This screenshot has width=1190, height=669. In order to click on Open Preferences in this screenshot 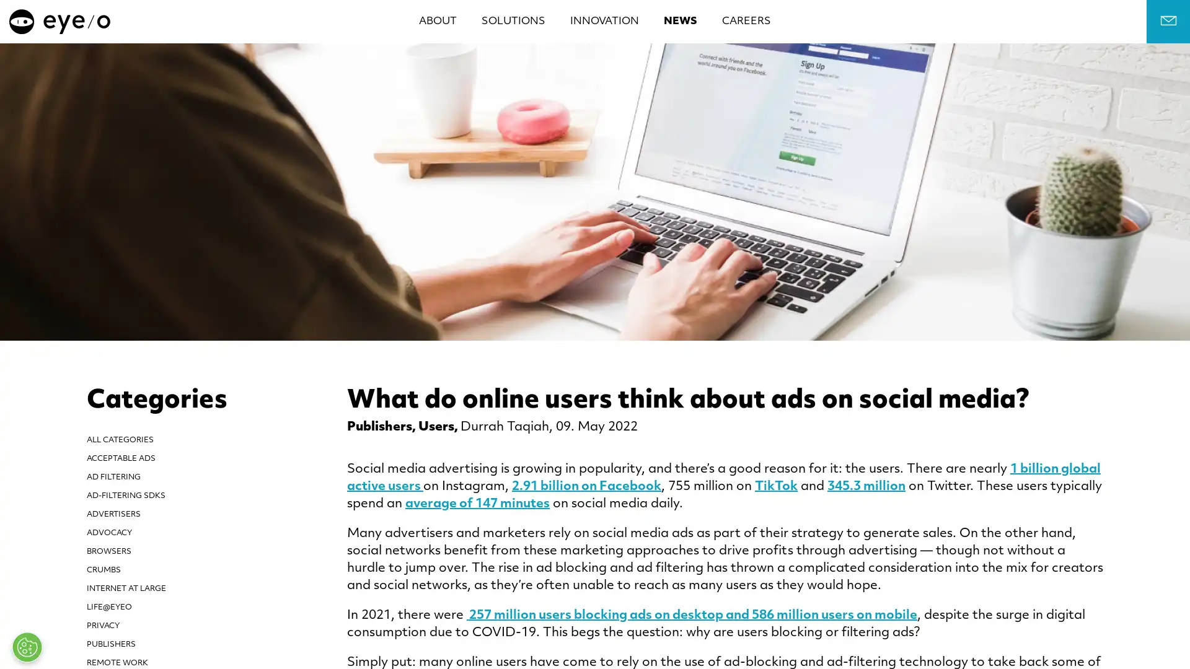, I will do `click(27, 647)`.